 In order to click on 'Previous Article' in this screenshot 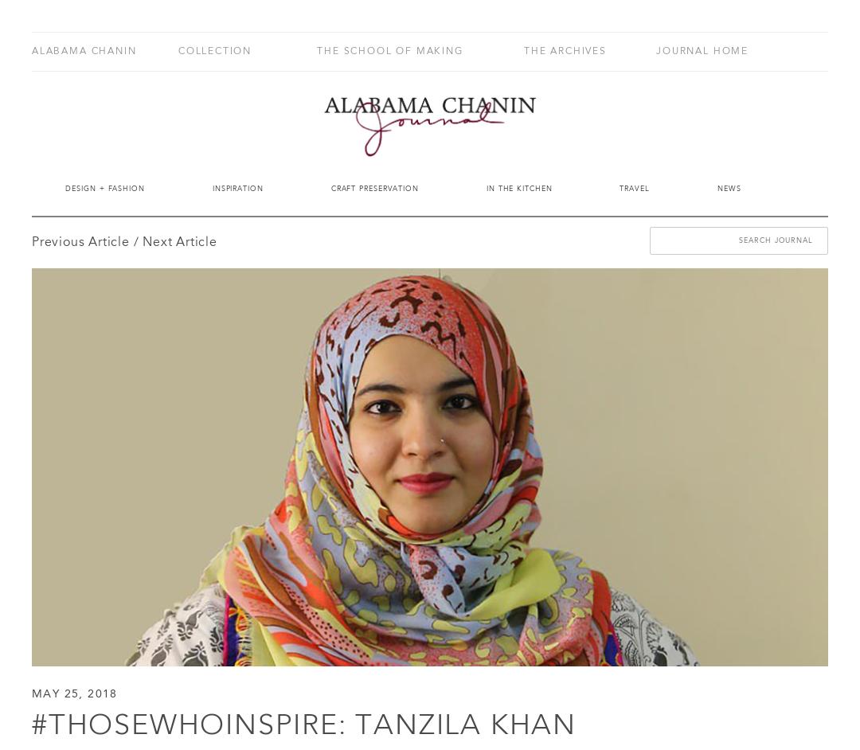, I will do `click(80, 243)`.